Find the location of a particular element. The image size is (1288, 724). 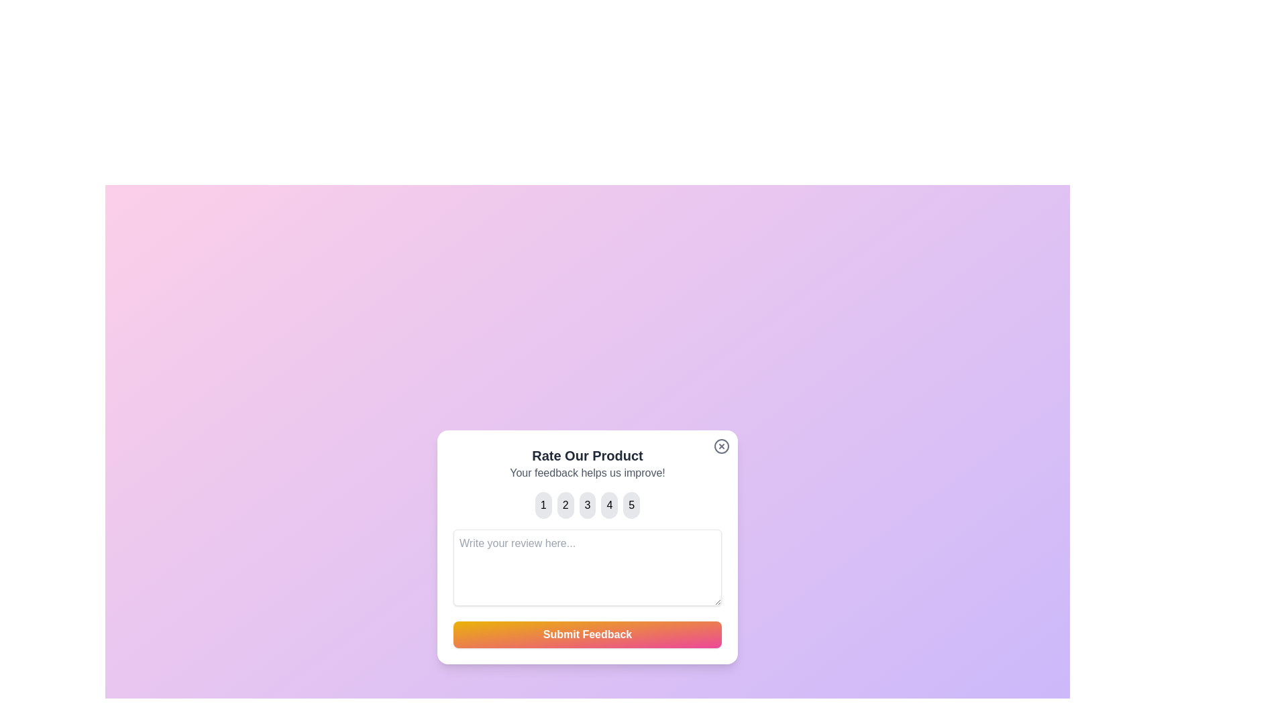

the button corresponding to the rating 1 is located at coordinates (543, 505).